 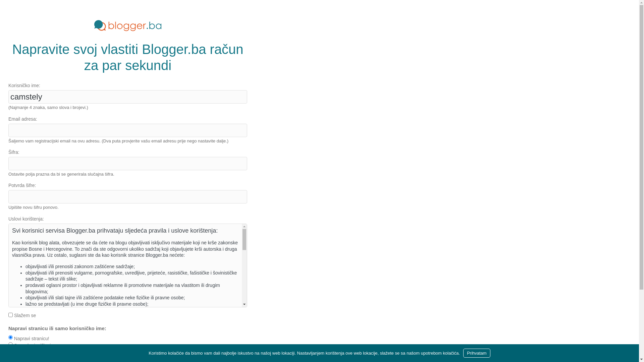 What do you see at coordinates (476, 353) in the screenshot?
I see `'Prihvatam'` at bounding box center [476, 353].